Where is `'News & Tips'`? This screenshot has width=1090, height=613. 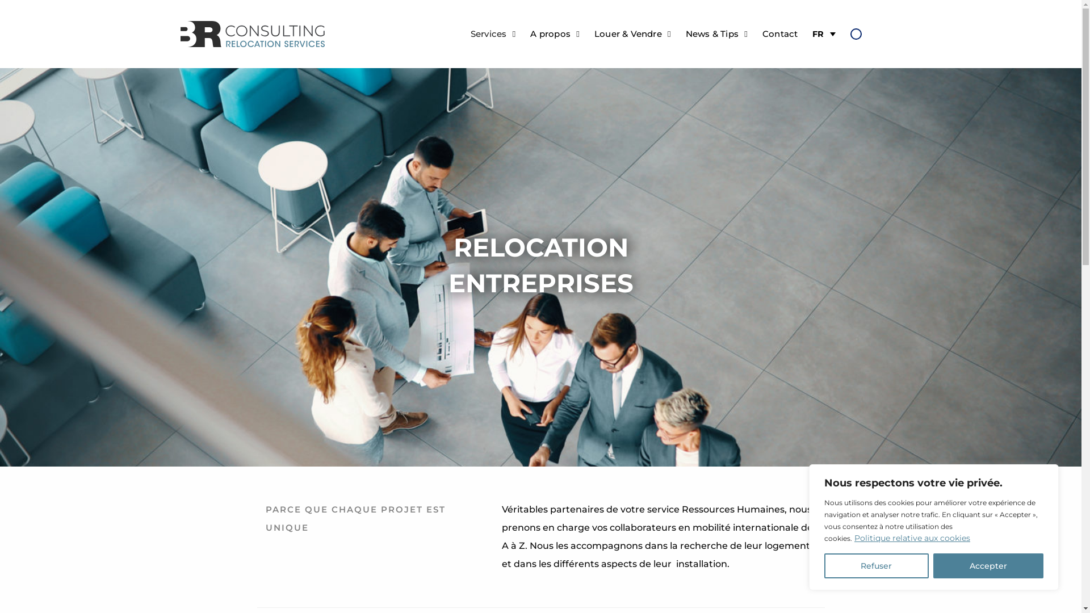 'News & Tips' is located at coordinates (676, 33).